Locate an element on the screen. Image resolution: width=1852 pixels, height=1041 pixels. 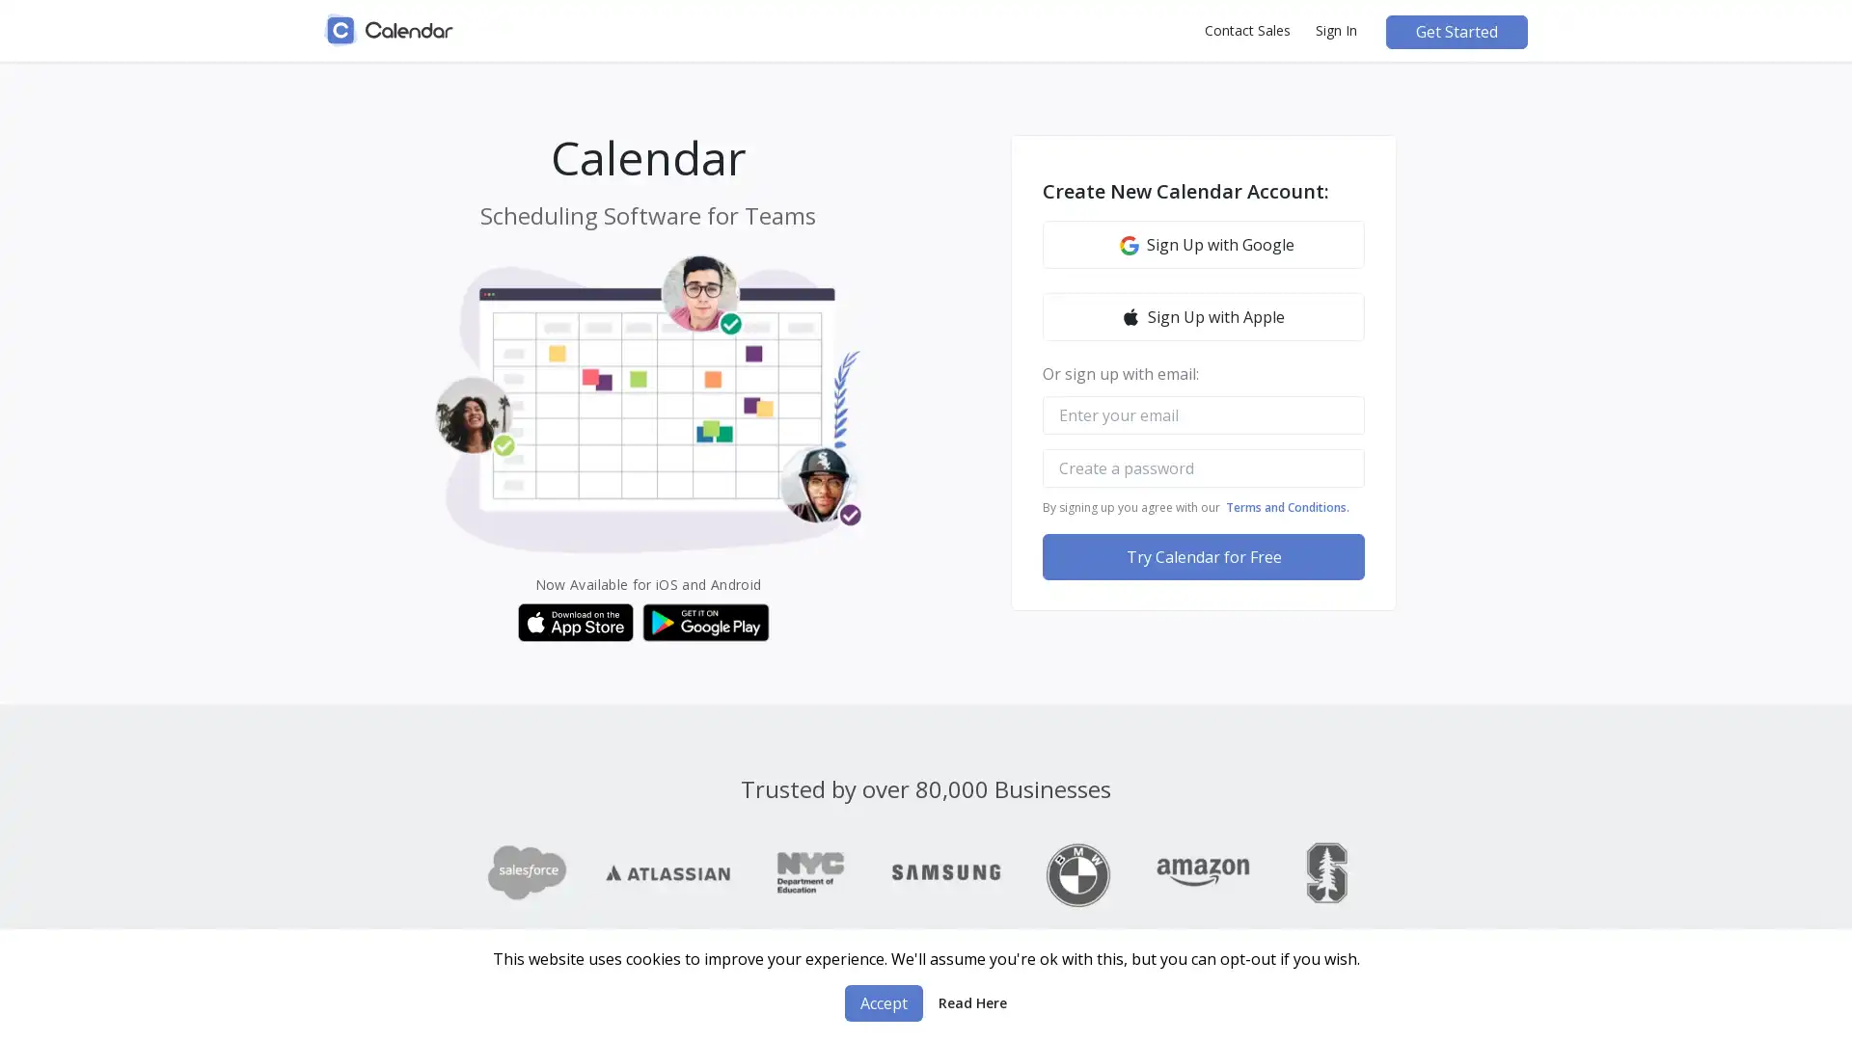
Google icon Sign Up with Google is located at coordinates (1203, 244).